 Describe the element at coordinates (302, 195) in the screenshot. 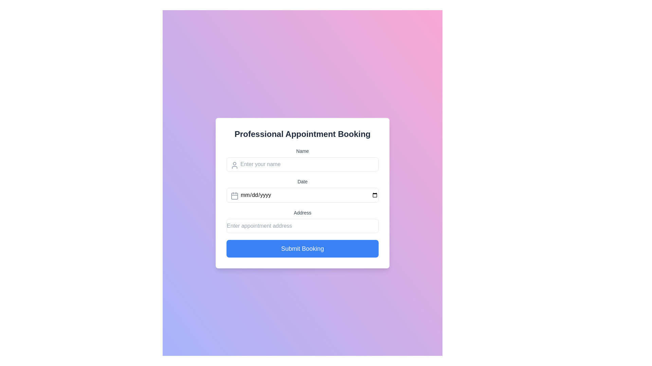

I see `a date from the calendar in the Date picker input field located below the 'Date' label in the 'Professional Appointment Booking' form` at that location.